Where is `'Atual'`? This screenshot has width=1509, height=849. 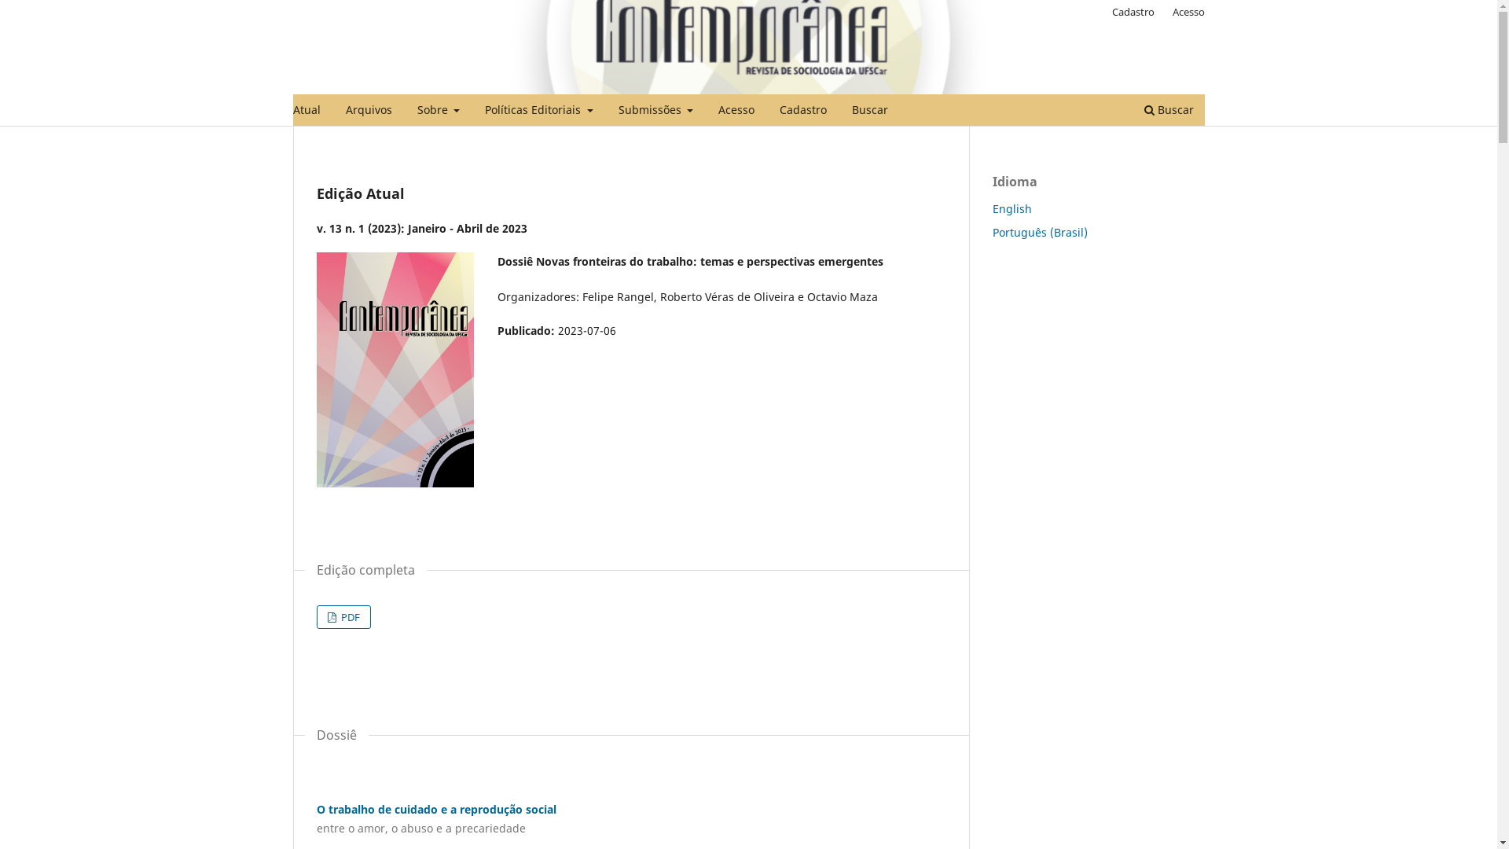 'Atual' is located at coordinates (307, 111).